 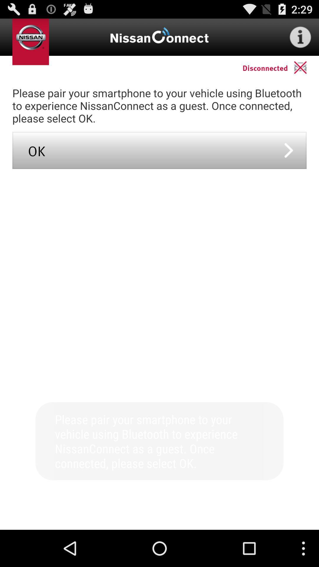 What do you see at coordinates (306, 67) in the screenshot?
I see `icon next to disconnected item` at bounding box center [306, 67].